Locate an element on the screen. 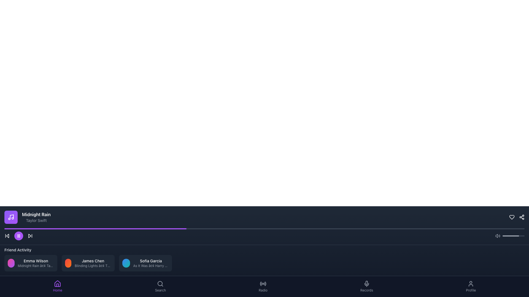  the pause button located in the central portion of the music player control bar is located at coordinates (18, 235).